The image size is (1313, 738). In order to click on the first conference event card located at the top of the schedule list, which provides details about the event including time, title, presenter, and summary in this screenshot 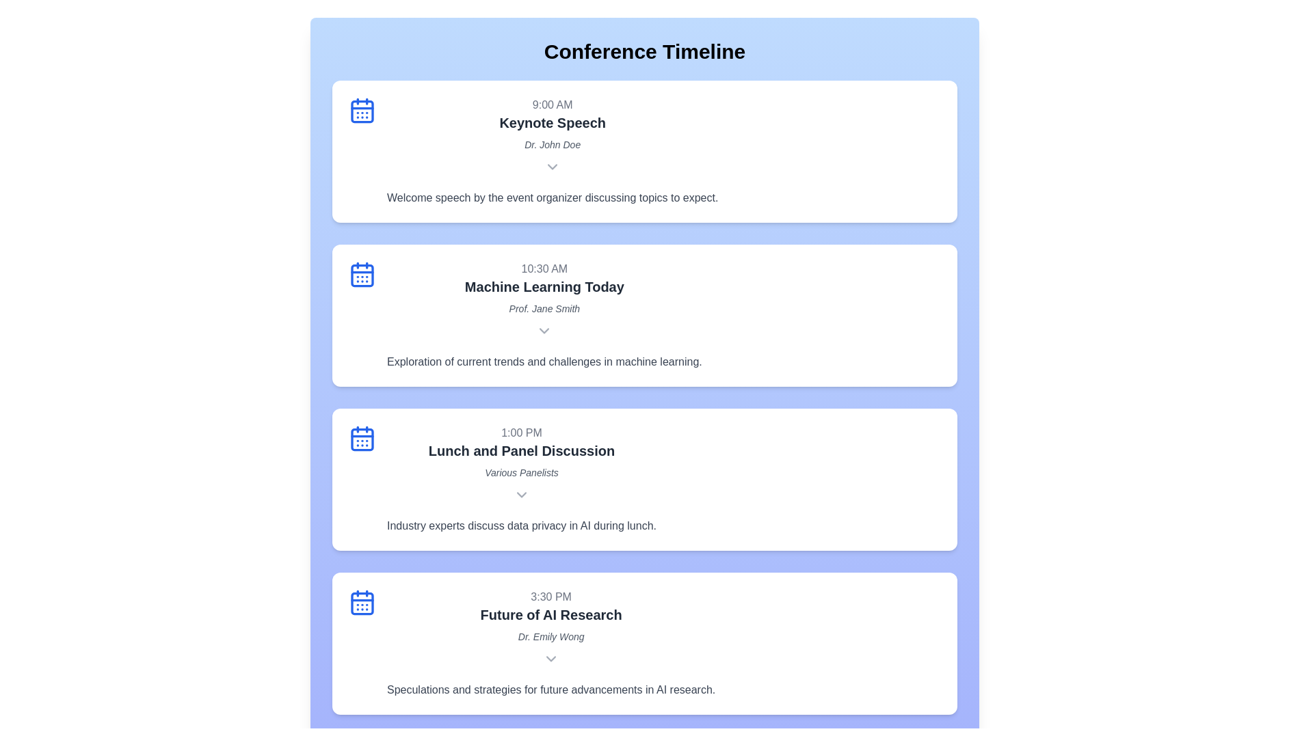, I will do `click(552, 152)`.